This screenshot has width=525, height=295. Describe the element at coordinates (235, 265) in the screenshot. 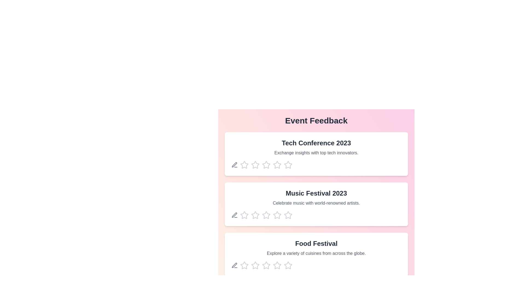

I see `the edit icon for the event Food Festival` at that location.